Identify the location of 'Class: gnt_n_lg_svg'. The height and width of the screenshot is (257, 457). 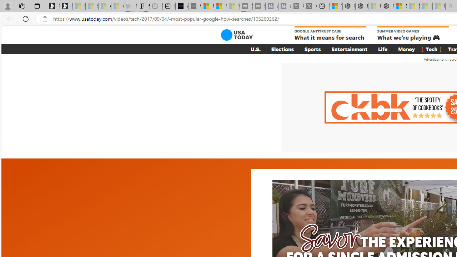
(237, 35).